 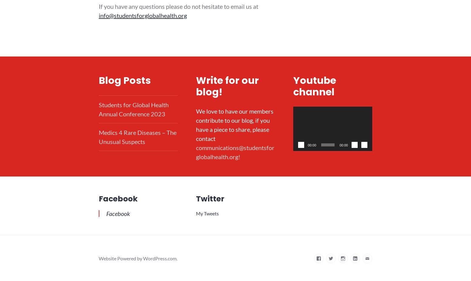 What do you see at coordinates (142, 15) in the screenshot?
I see `'info@studentsforglobalhealth.org'` at bounding box center [142, 15].